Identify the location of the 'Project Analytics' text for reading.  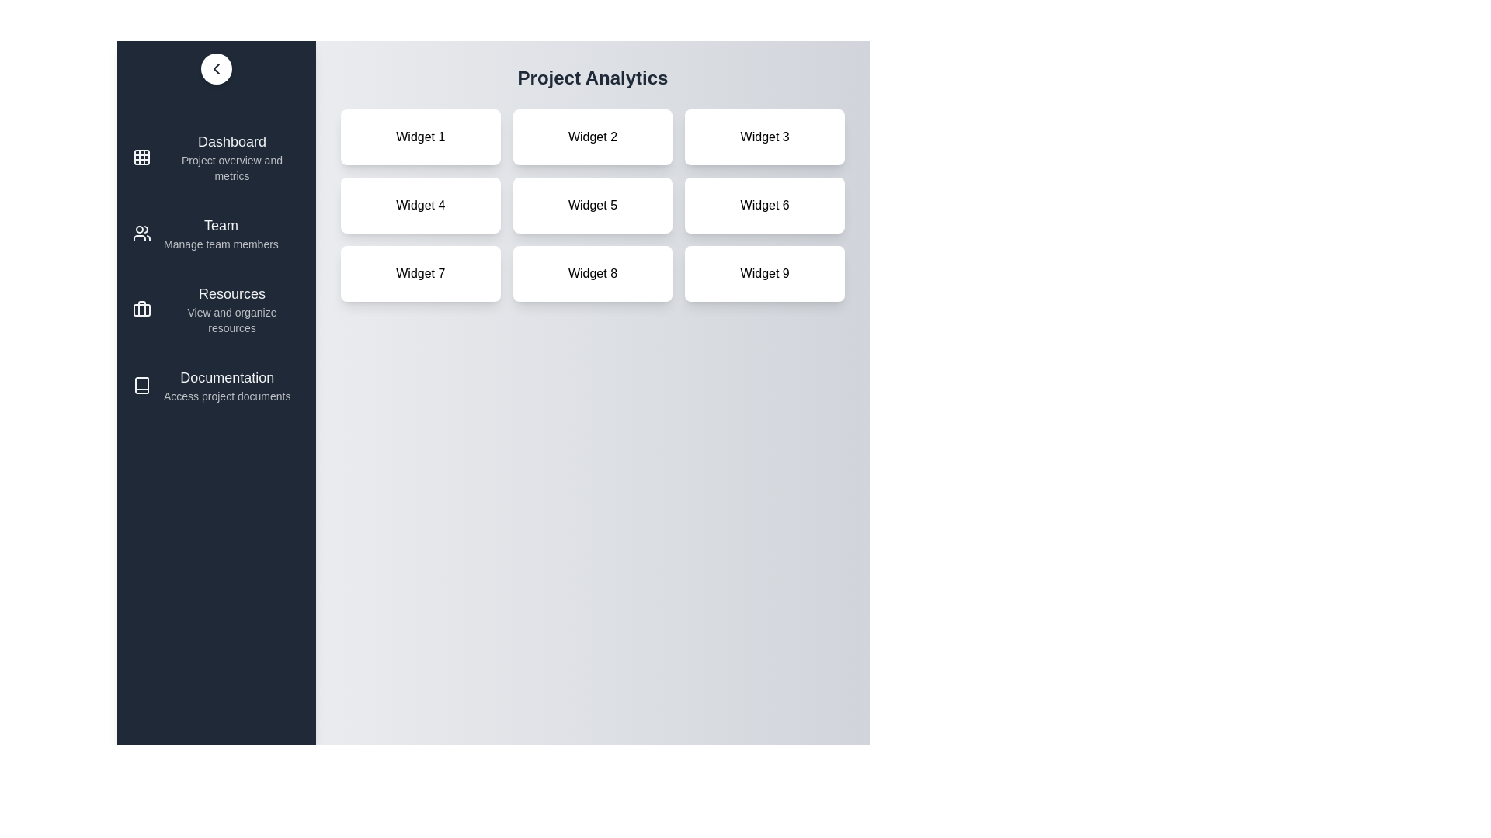
(592, 78).